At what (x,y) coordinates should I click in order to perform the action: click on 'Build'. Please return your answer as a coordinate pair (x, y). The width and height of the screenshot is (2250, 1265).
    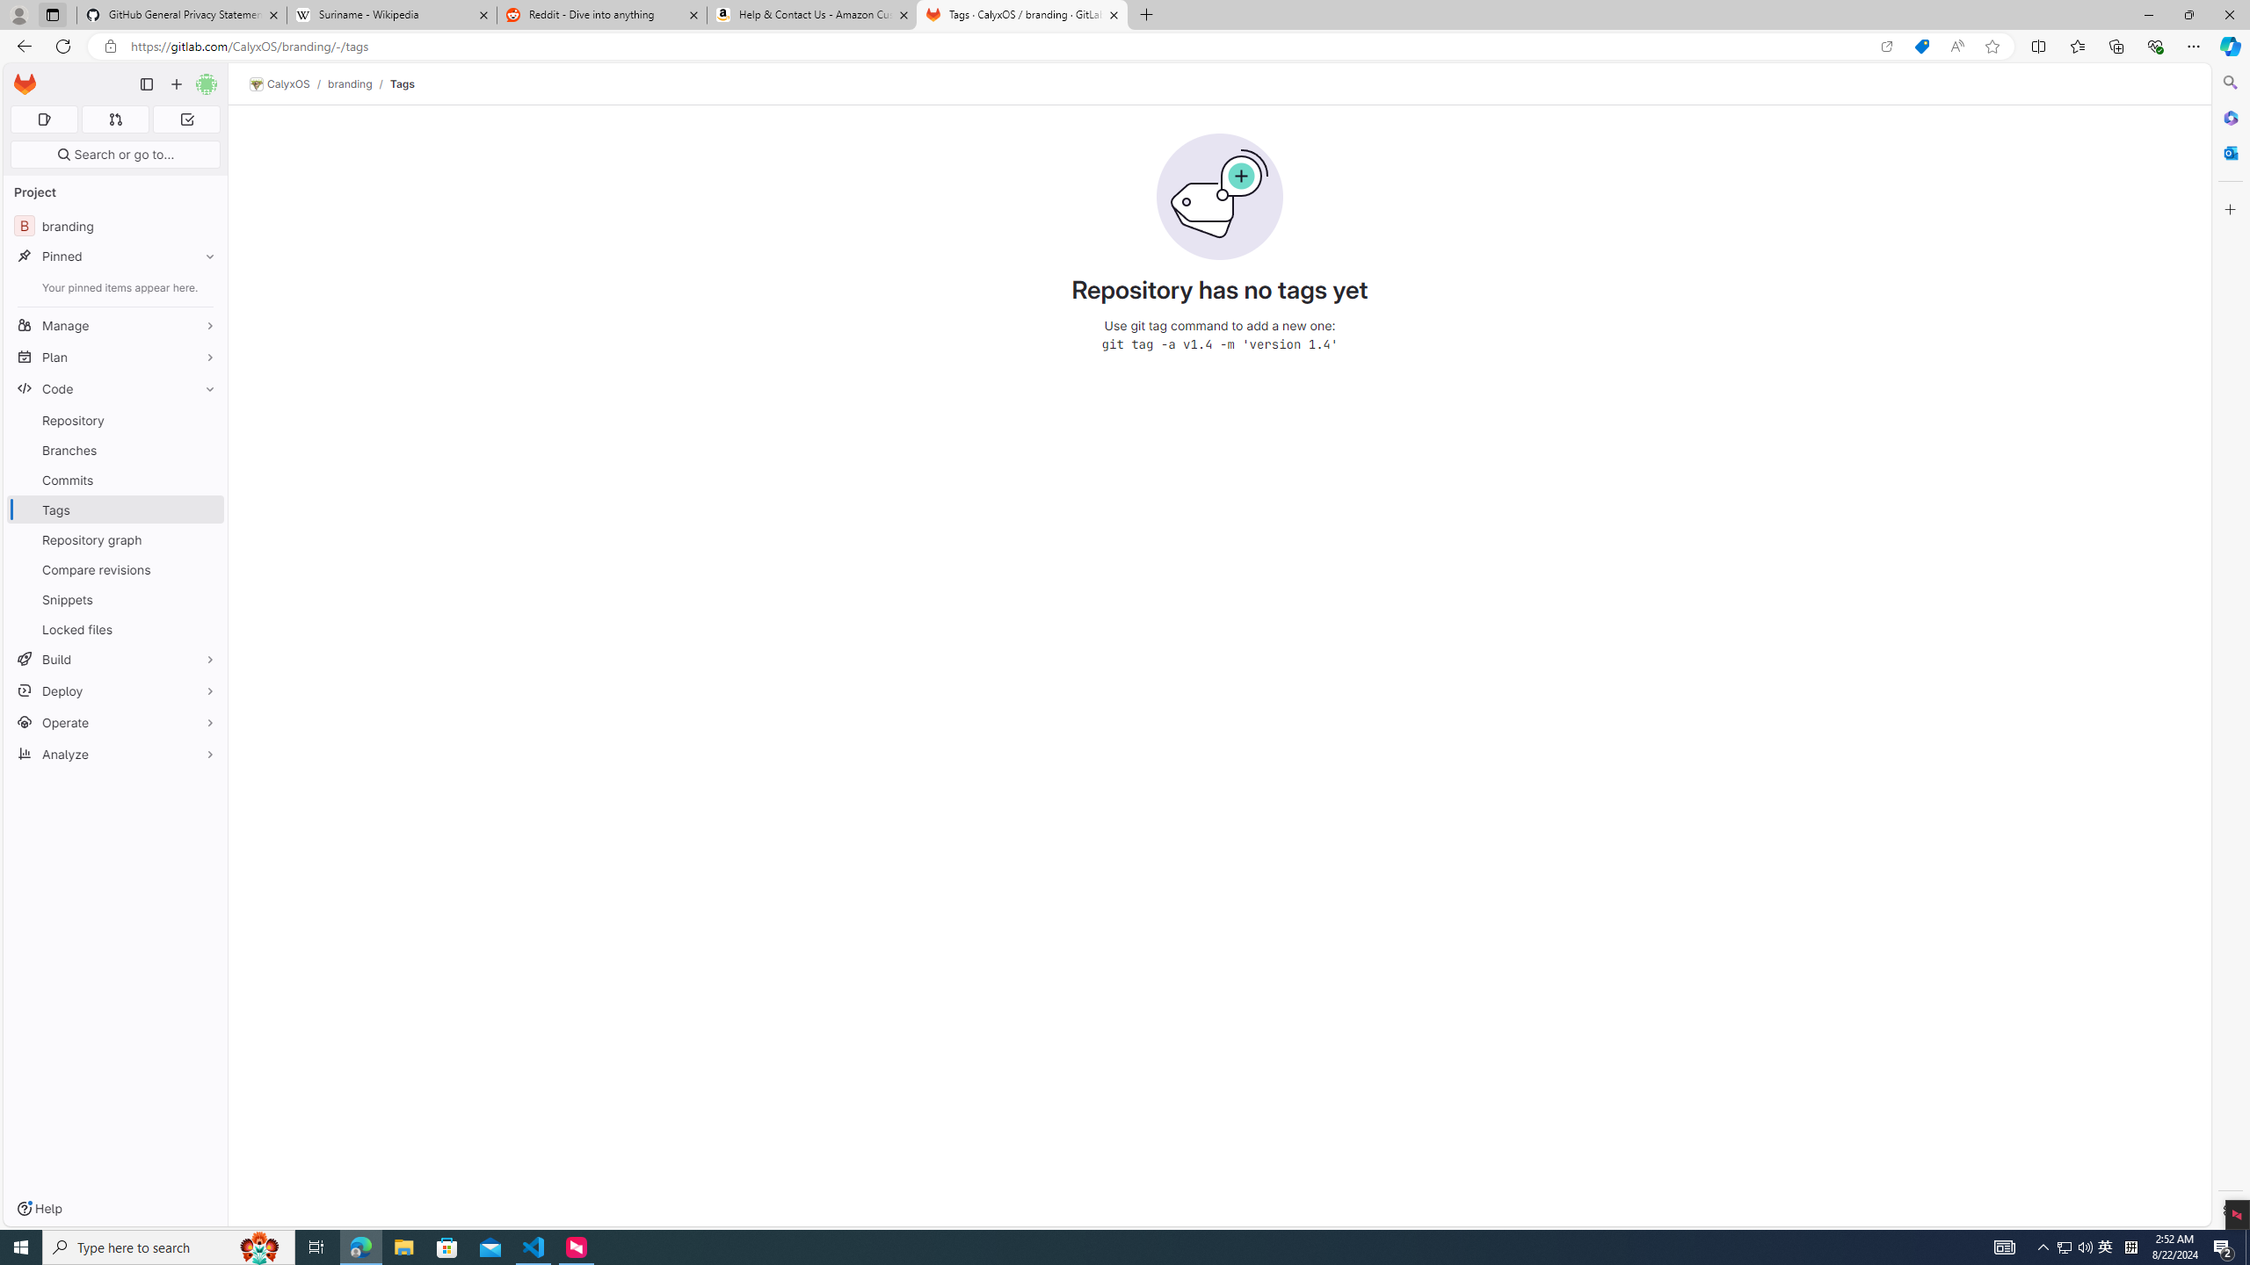
    Looking at the image, I should click on (114, 659).